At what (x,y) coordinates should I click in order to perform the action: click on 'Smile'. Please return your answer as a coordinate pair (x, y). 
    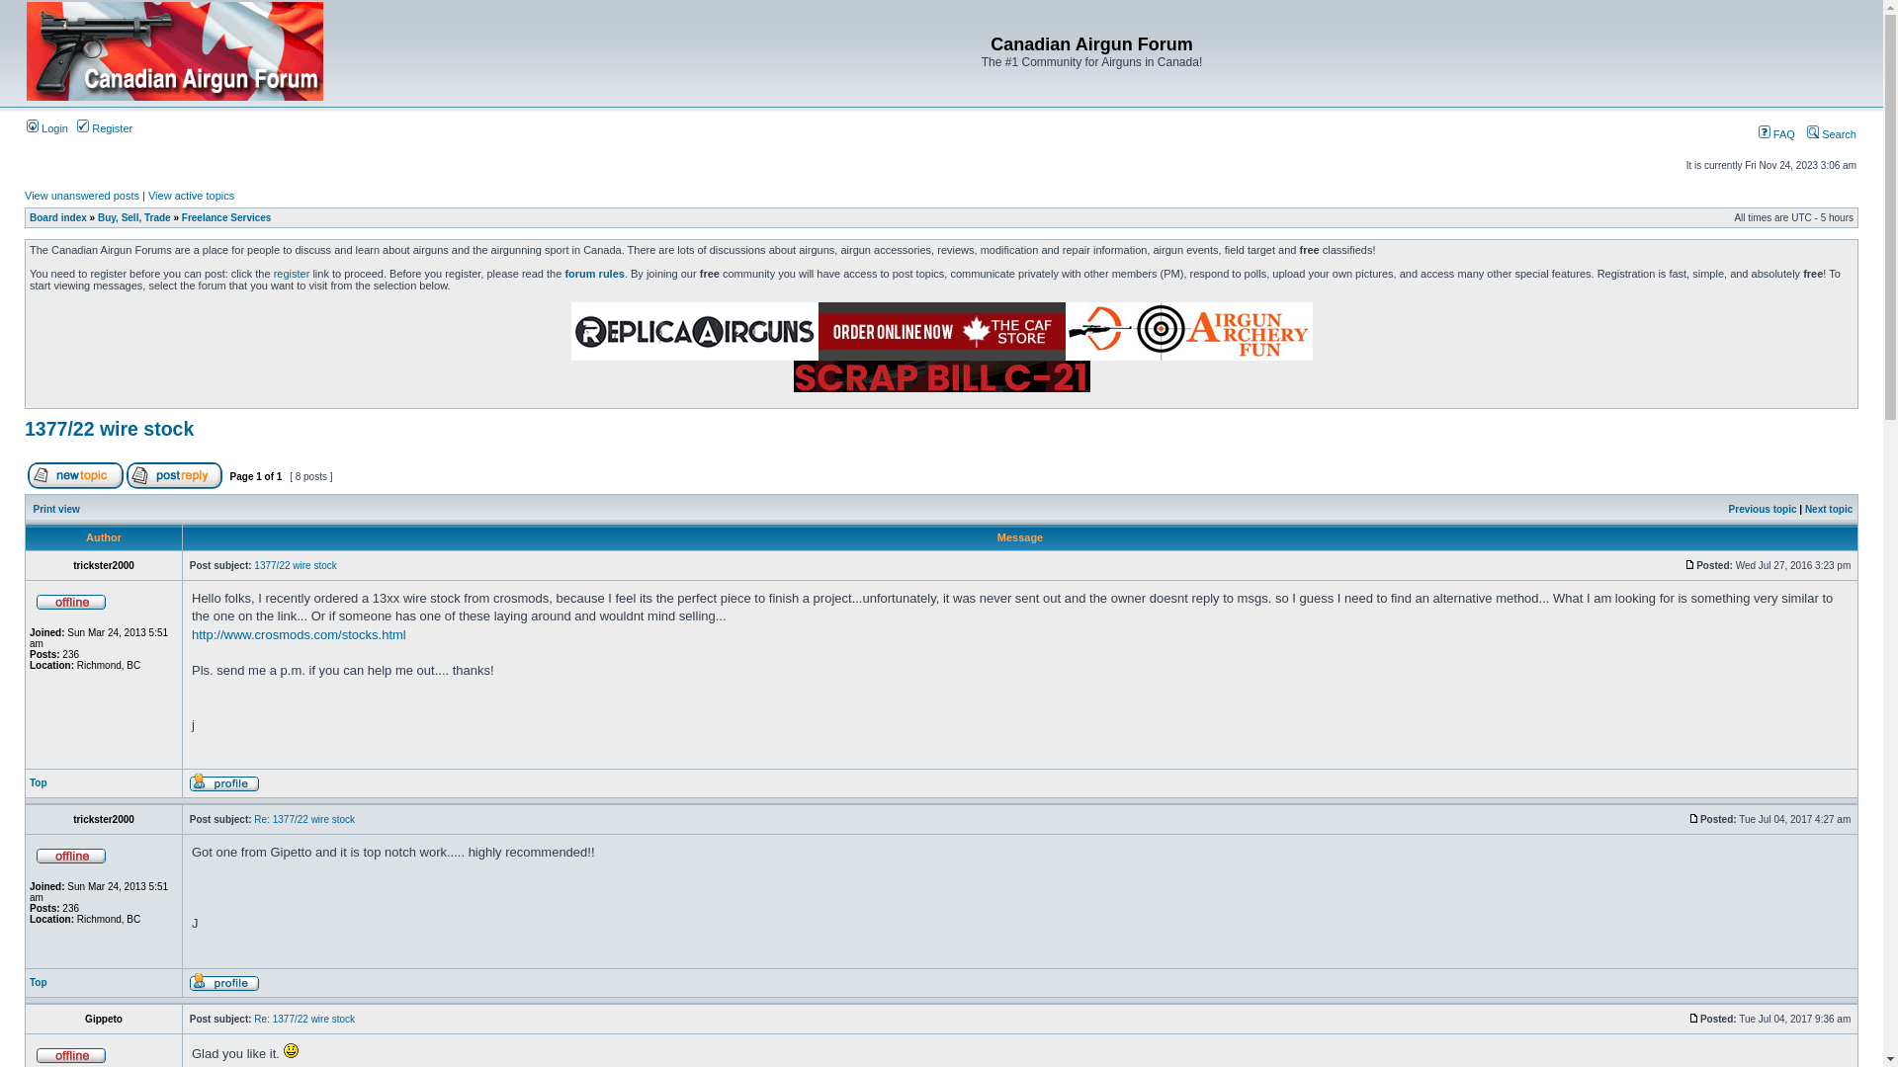
    Looking at the image, I should click on (289, 1049).